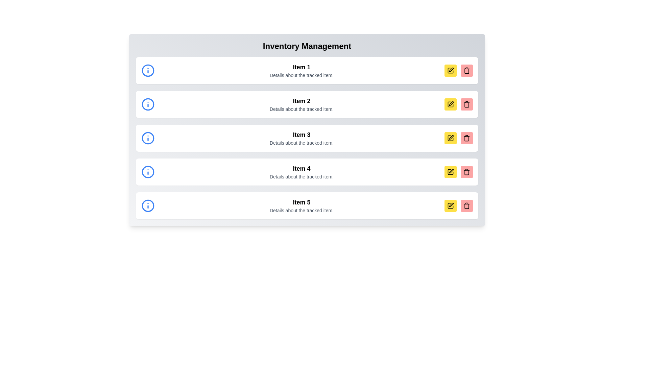  Describe the element at coordinates (301, 172) in the screenshot. I see `the List item titled 'Item 4'` at that location.